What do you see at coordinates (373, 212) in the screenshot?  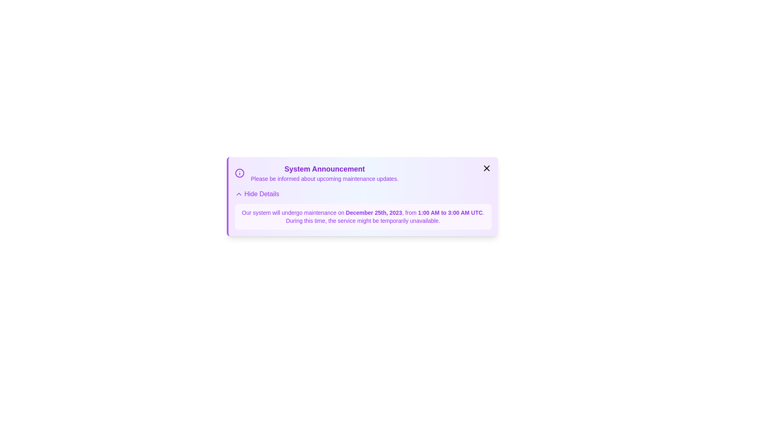 I see `the text label displaying 'December 25th, 2023' in bold purple font, located in the center-bottom portion of the notification panel` at bounding box center [373, 212].